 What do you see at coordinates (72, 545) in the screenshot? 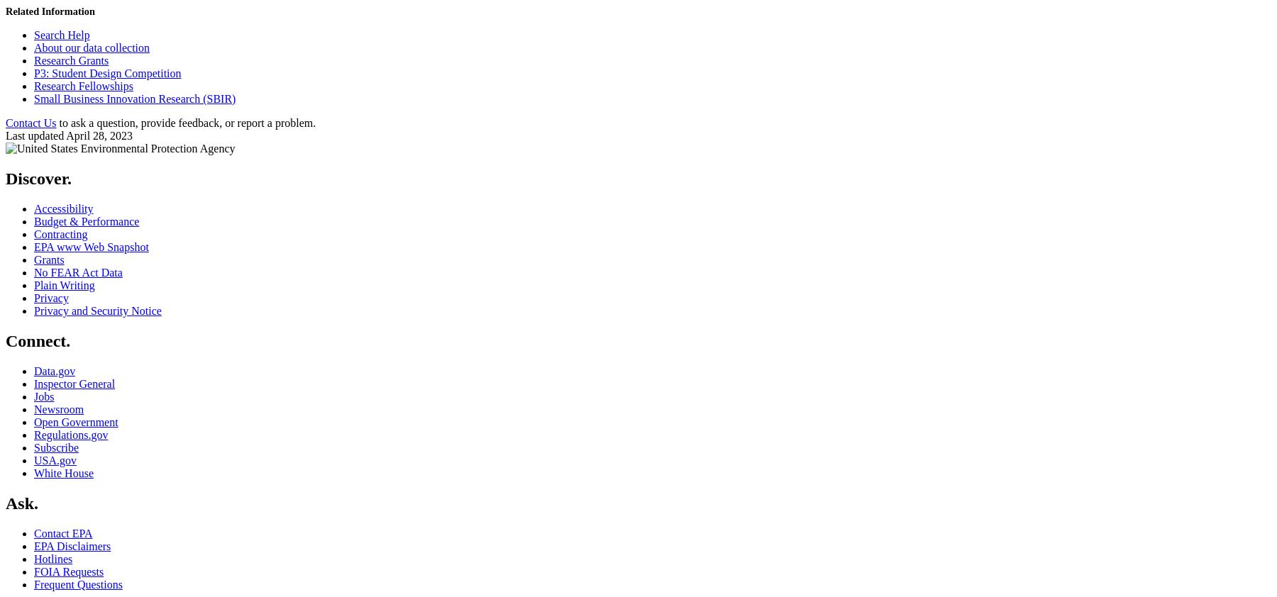
I see `'EPA Disclaimers'` at bounding box center [72, 545].